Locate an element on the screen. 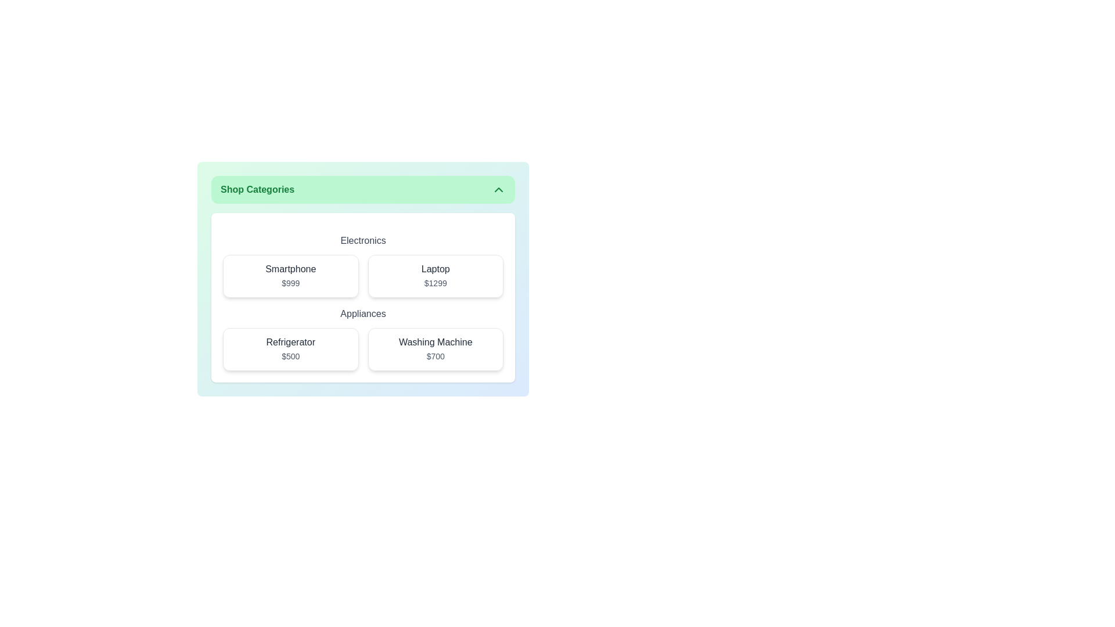 This screenshot has height=627, width=1115. the text label that serves as the title or name of the product, located above the price text ('$1299') and centered horizontally within the card is located at coordinates (435, 269).